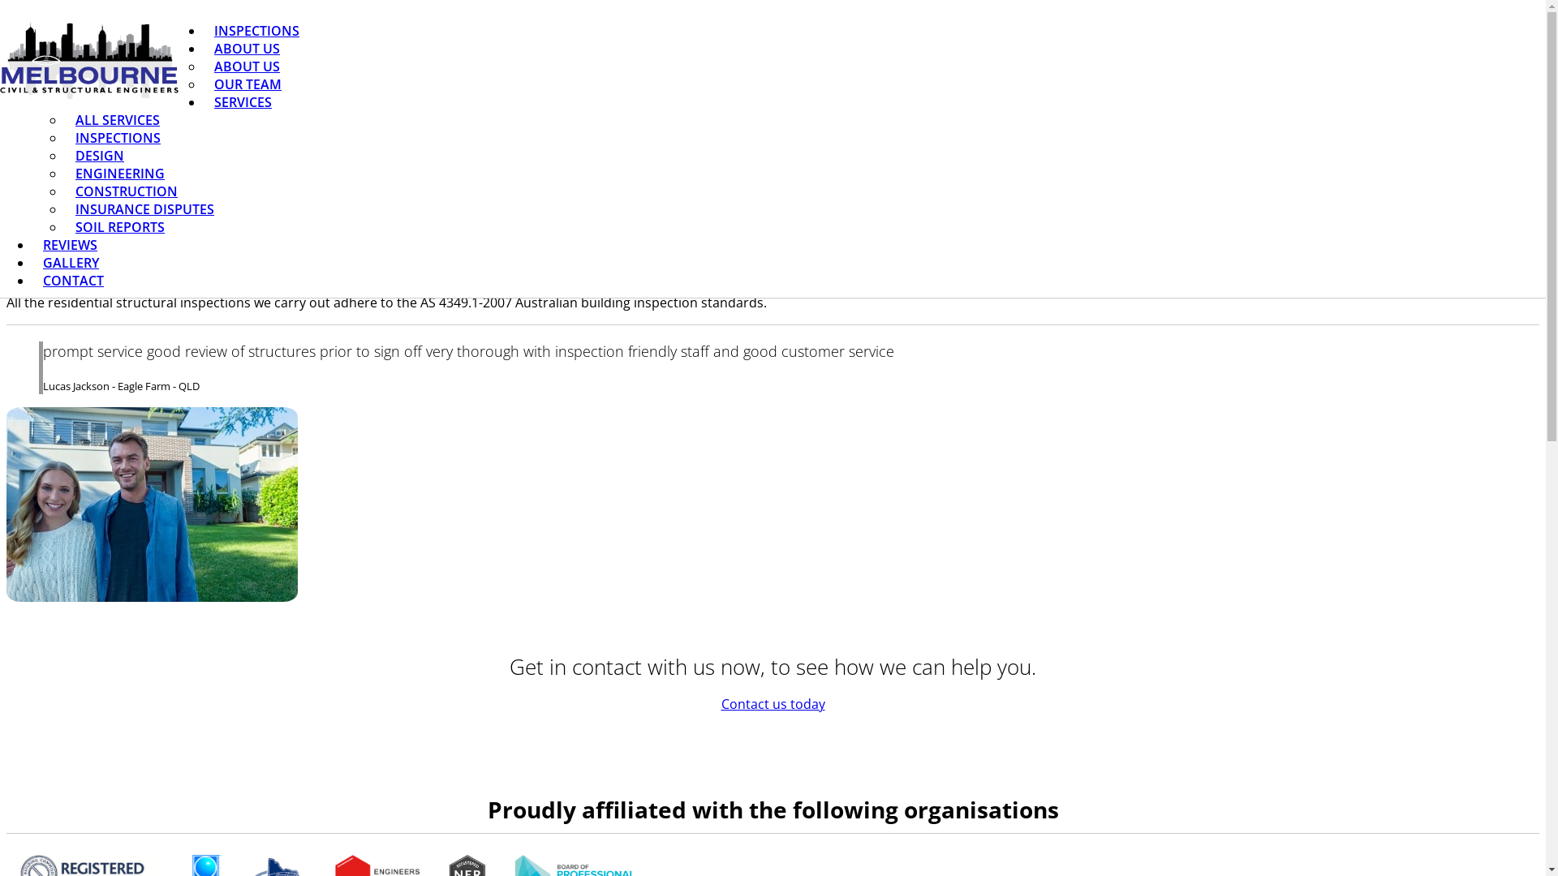 The width and height of the screenshot is (1558, 876). I want to click on 'ABOUT US', so click(246, 65).